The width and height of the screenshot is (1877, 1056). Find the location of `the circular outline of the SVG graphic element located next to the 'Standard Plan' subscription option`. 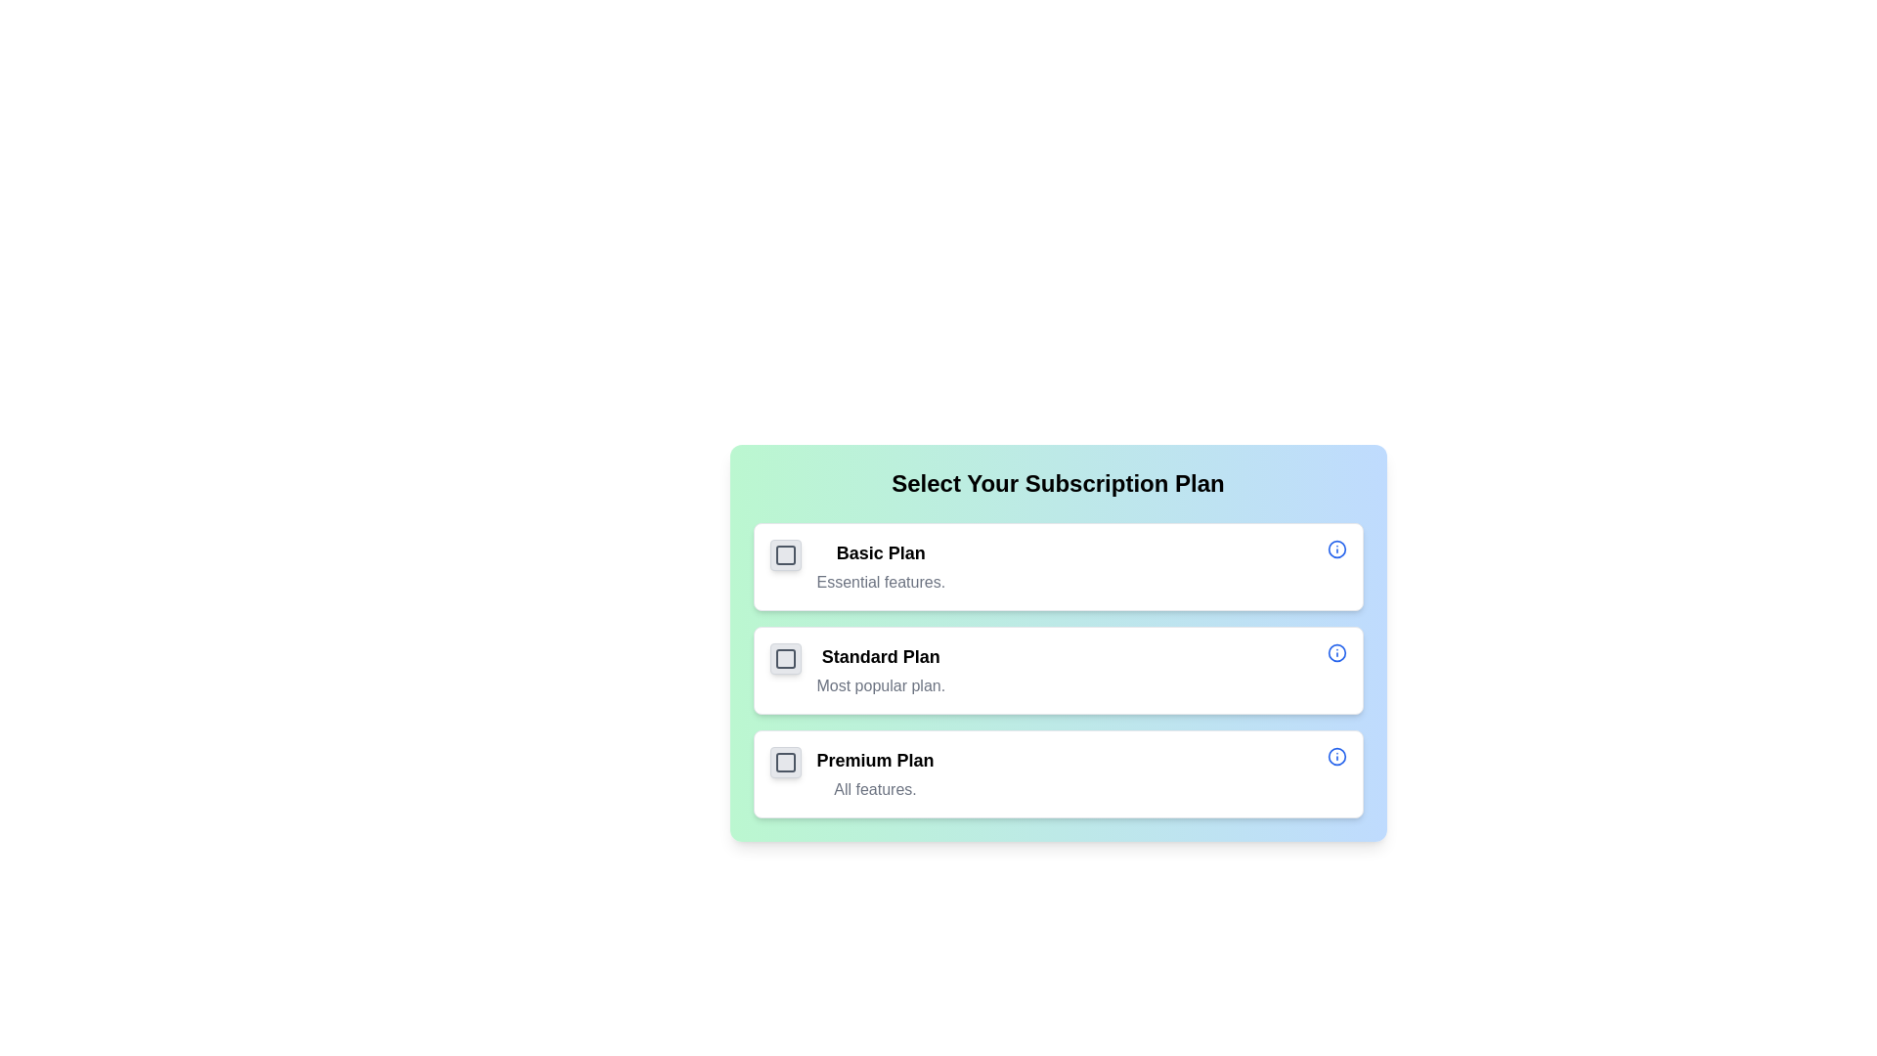

the circular outline of the SVG graphic element located next to the 'Standard Plan' subscription option is located at coordinates (1335, 652).